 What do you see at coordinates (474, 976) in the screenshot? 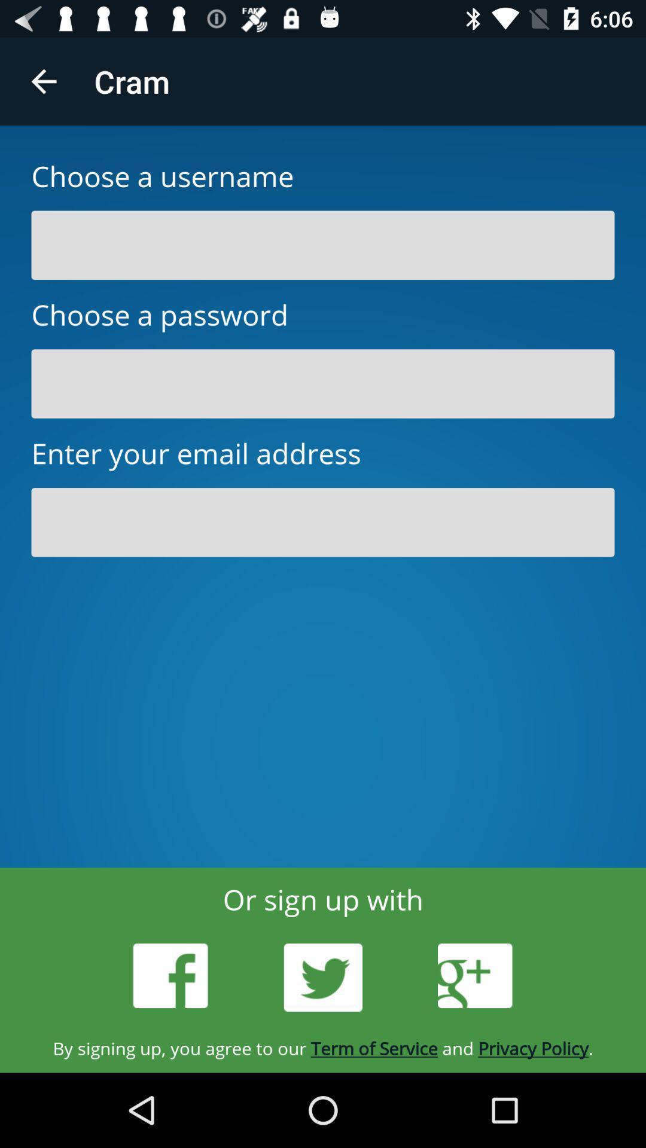
I see `login with google+` at bounding box center [474, 976].